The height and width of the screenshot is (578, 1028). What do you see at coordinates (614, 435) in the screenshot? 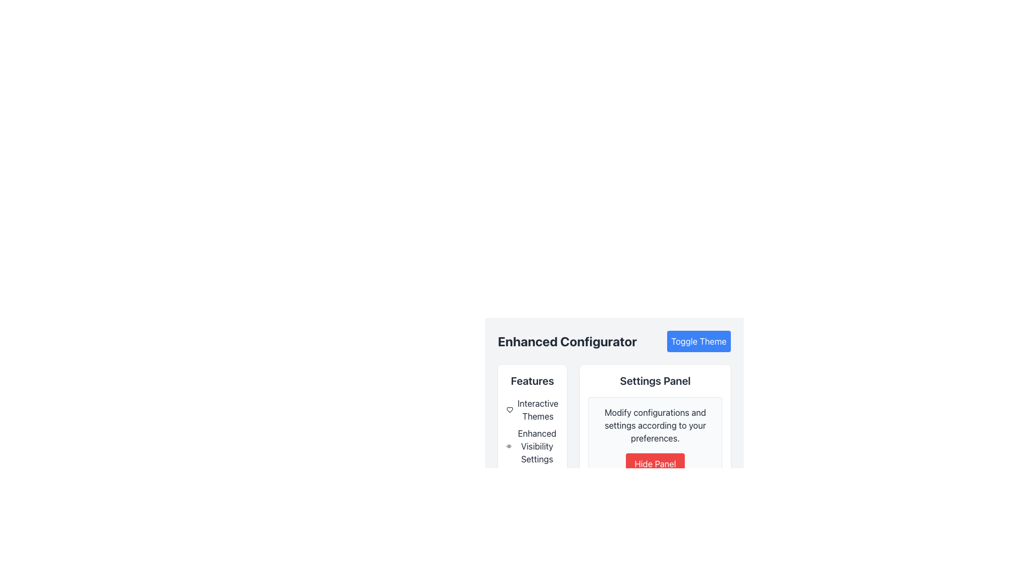
I see `the 'Hide Panel' button located at the bottom right of the 'Settings Panel' which has a modern card-like appearance and is part of the 'Enhanced Configurator' section` at bounding box center [614, 435].